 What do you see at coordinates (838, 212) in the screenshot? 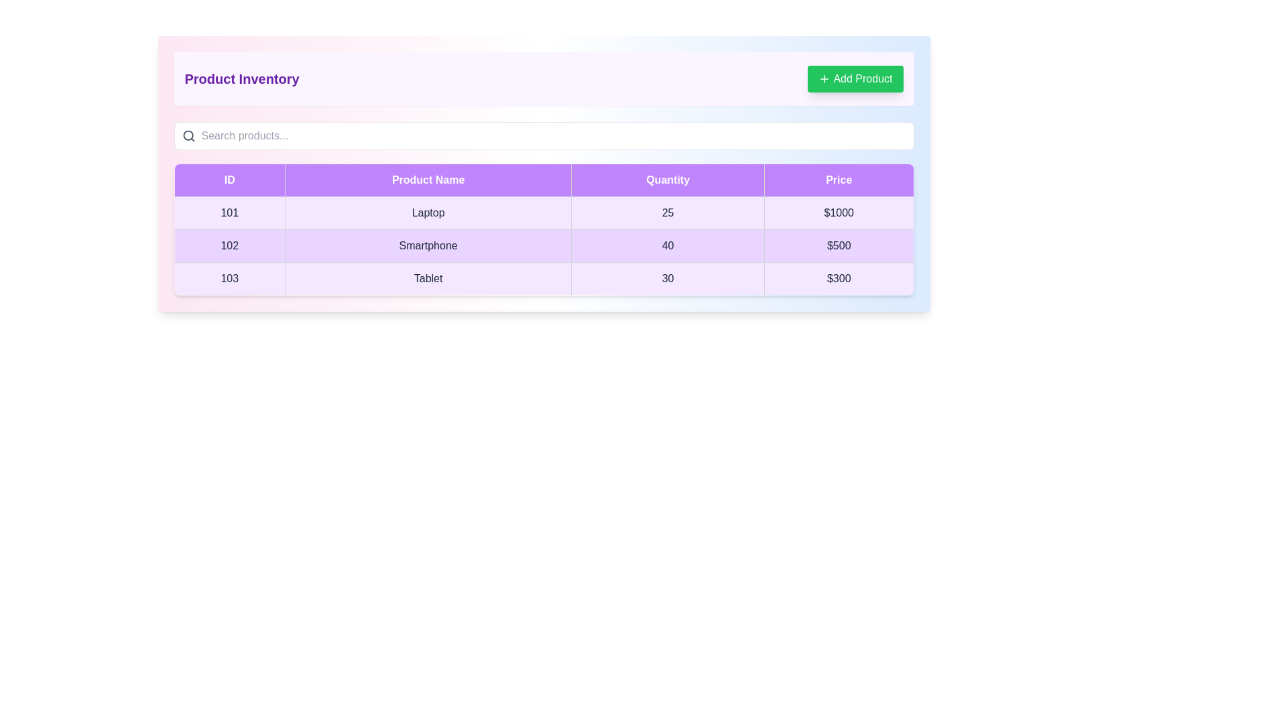
I see `the table cell that displays the price value '$1000'` at bounding box center [838, 212].